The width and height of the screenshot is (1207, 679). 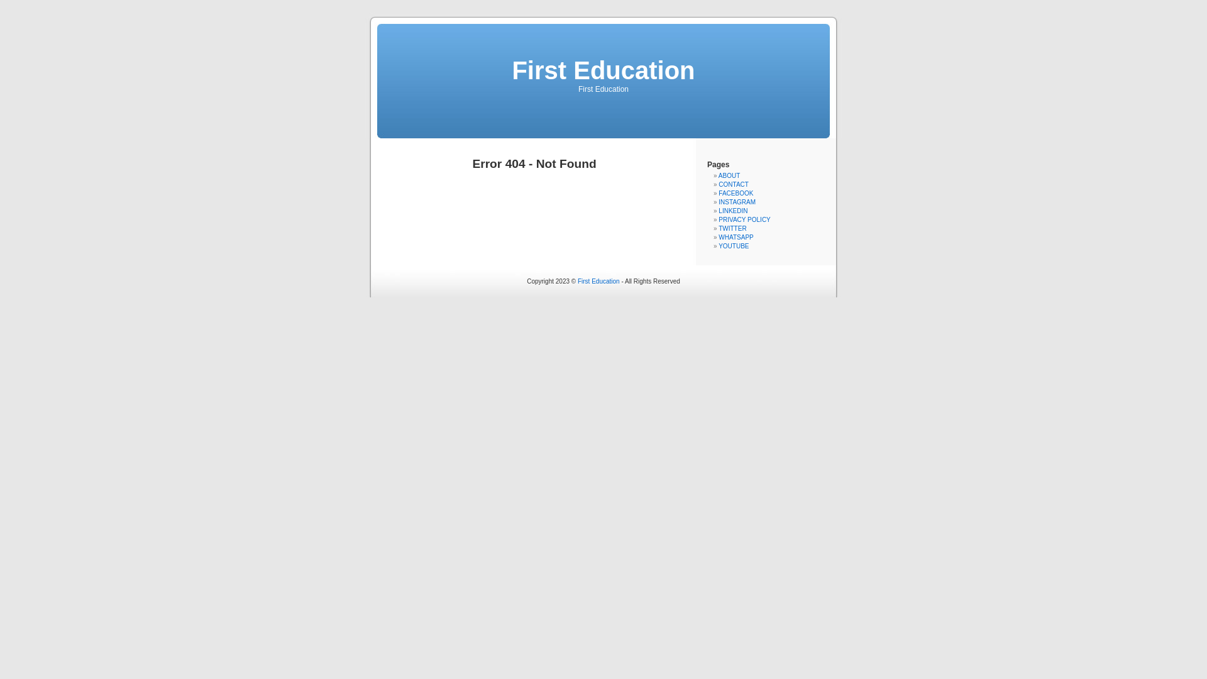 What do you see at coordinates (733, 184) in the screenshot?
I see `'CONTACT'` at bounding box center [733, 184].